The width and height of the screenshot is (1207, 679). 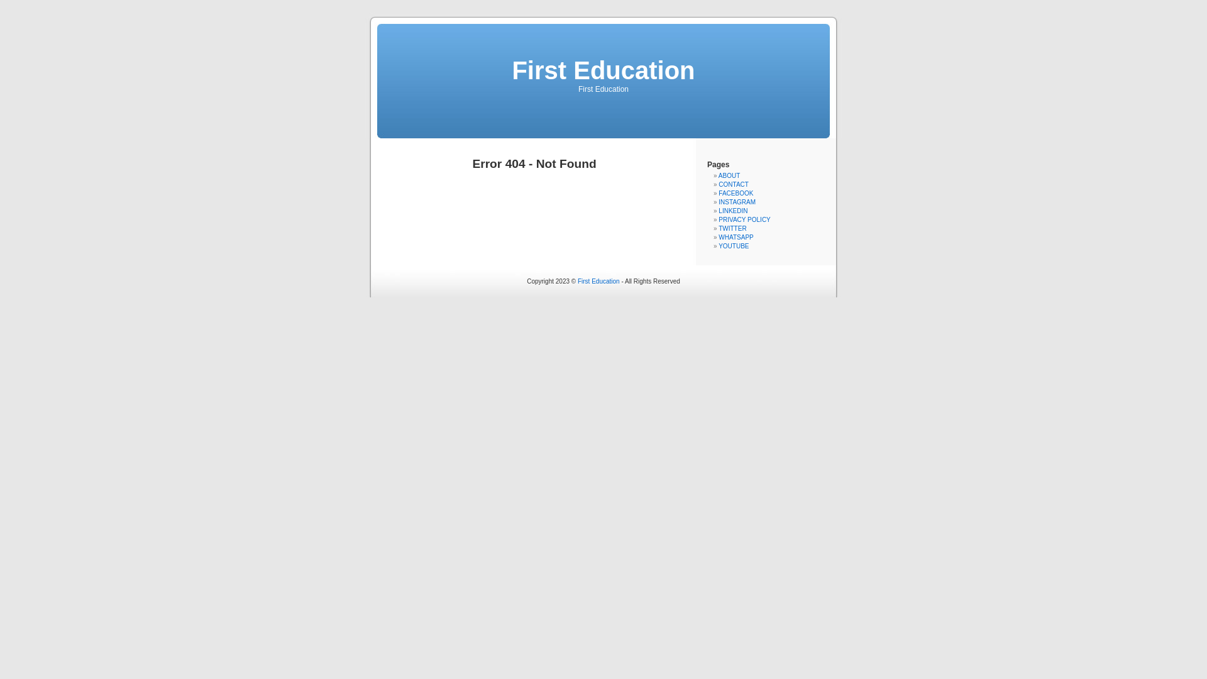 What do you see at coordinates (733, 184) in the screenshot?
I see `'CONTACT'` at bounding box center [733, 184].